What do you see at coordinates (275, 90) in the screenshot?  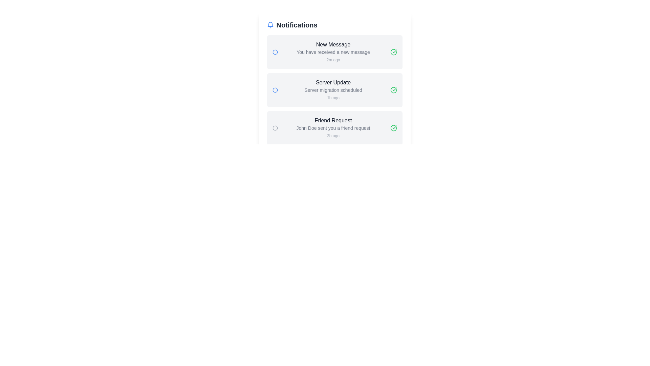 I see `the small circular icon with a blue outline located to the left of the text content in the 'Server Update' notification within the notification list` at bounding box center [275, 90].